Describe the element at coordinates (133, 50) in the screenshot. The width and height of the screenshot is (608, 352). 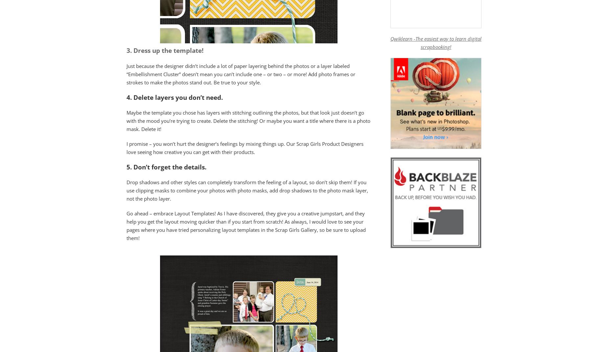
I see `'Dress up the template!'` at that location.